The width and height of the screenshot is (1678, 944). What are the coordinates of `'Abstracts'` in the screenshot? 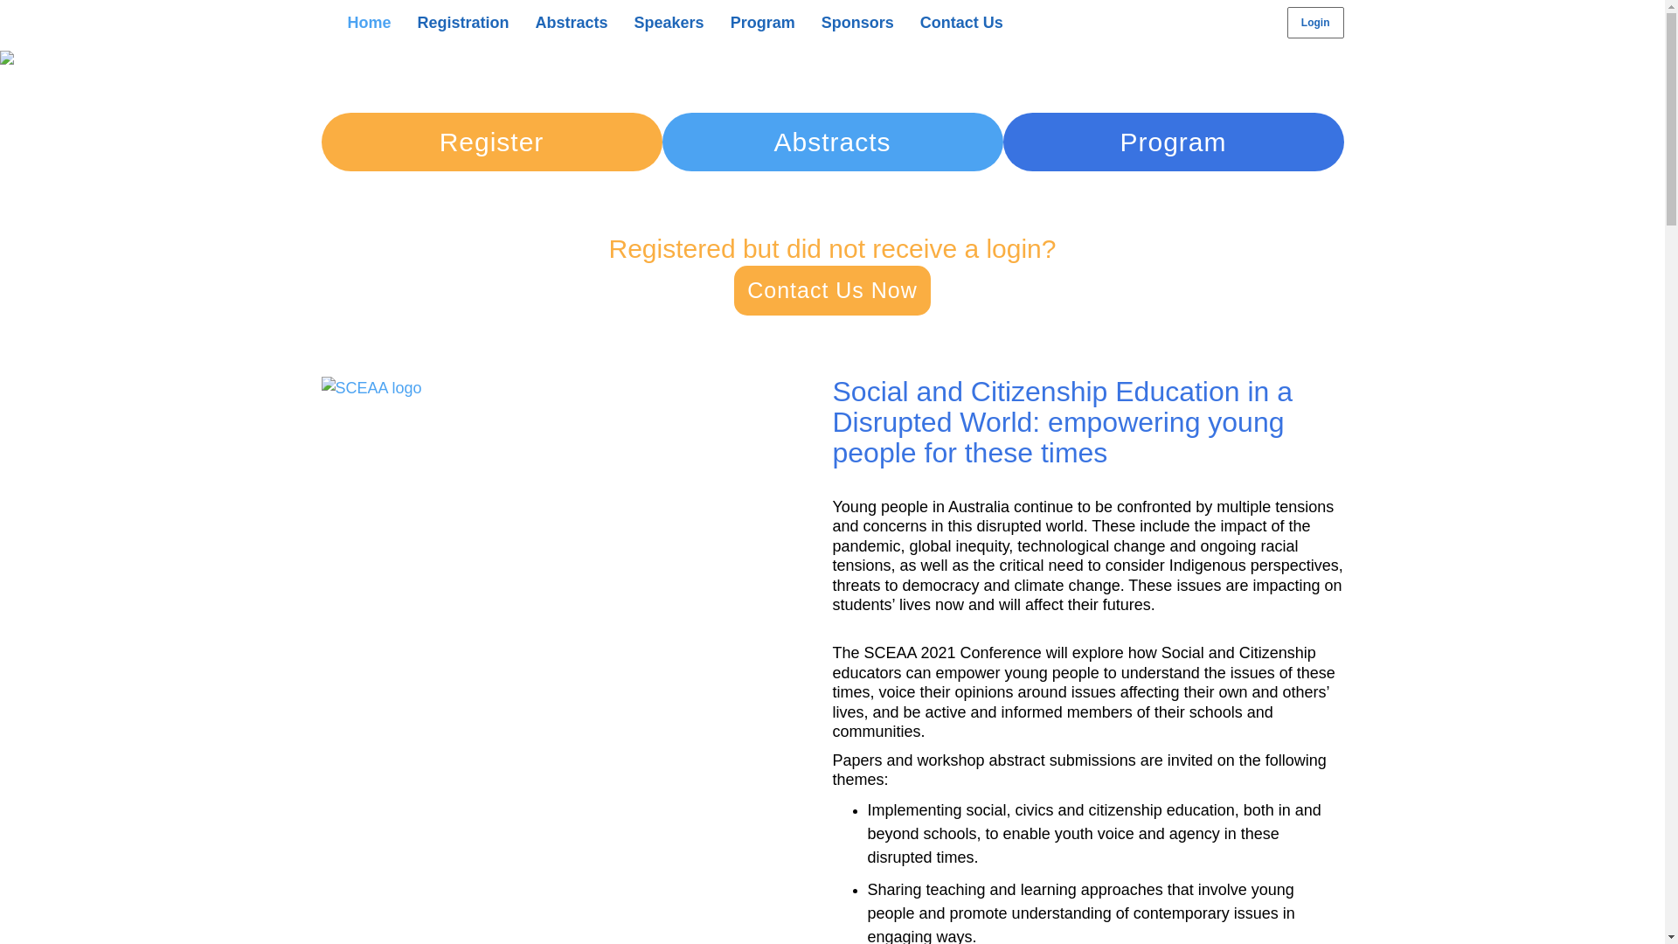 It's located at (832, 141).